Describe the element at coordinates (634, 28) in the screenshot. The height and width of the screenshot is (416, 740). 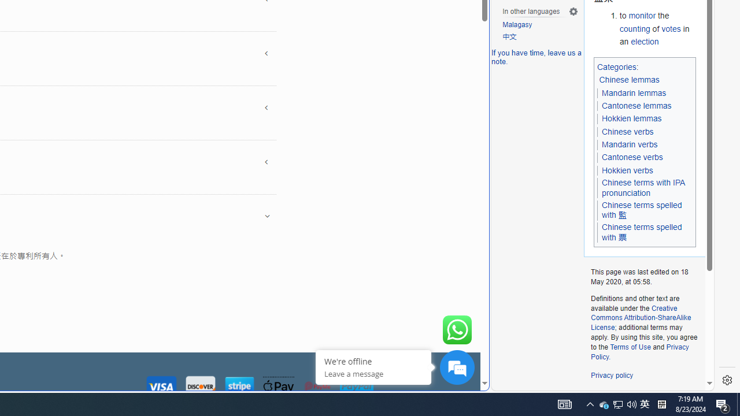
I see `'counting'` at that location.